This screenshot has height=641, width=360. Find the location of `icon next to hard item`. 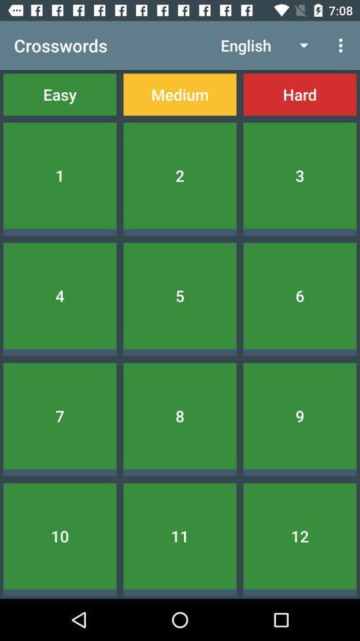

icon next to hard item is located at coordinates (180, 93).